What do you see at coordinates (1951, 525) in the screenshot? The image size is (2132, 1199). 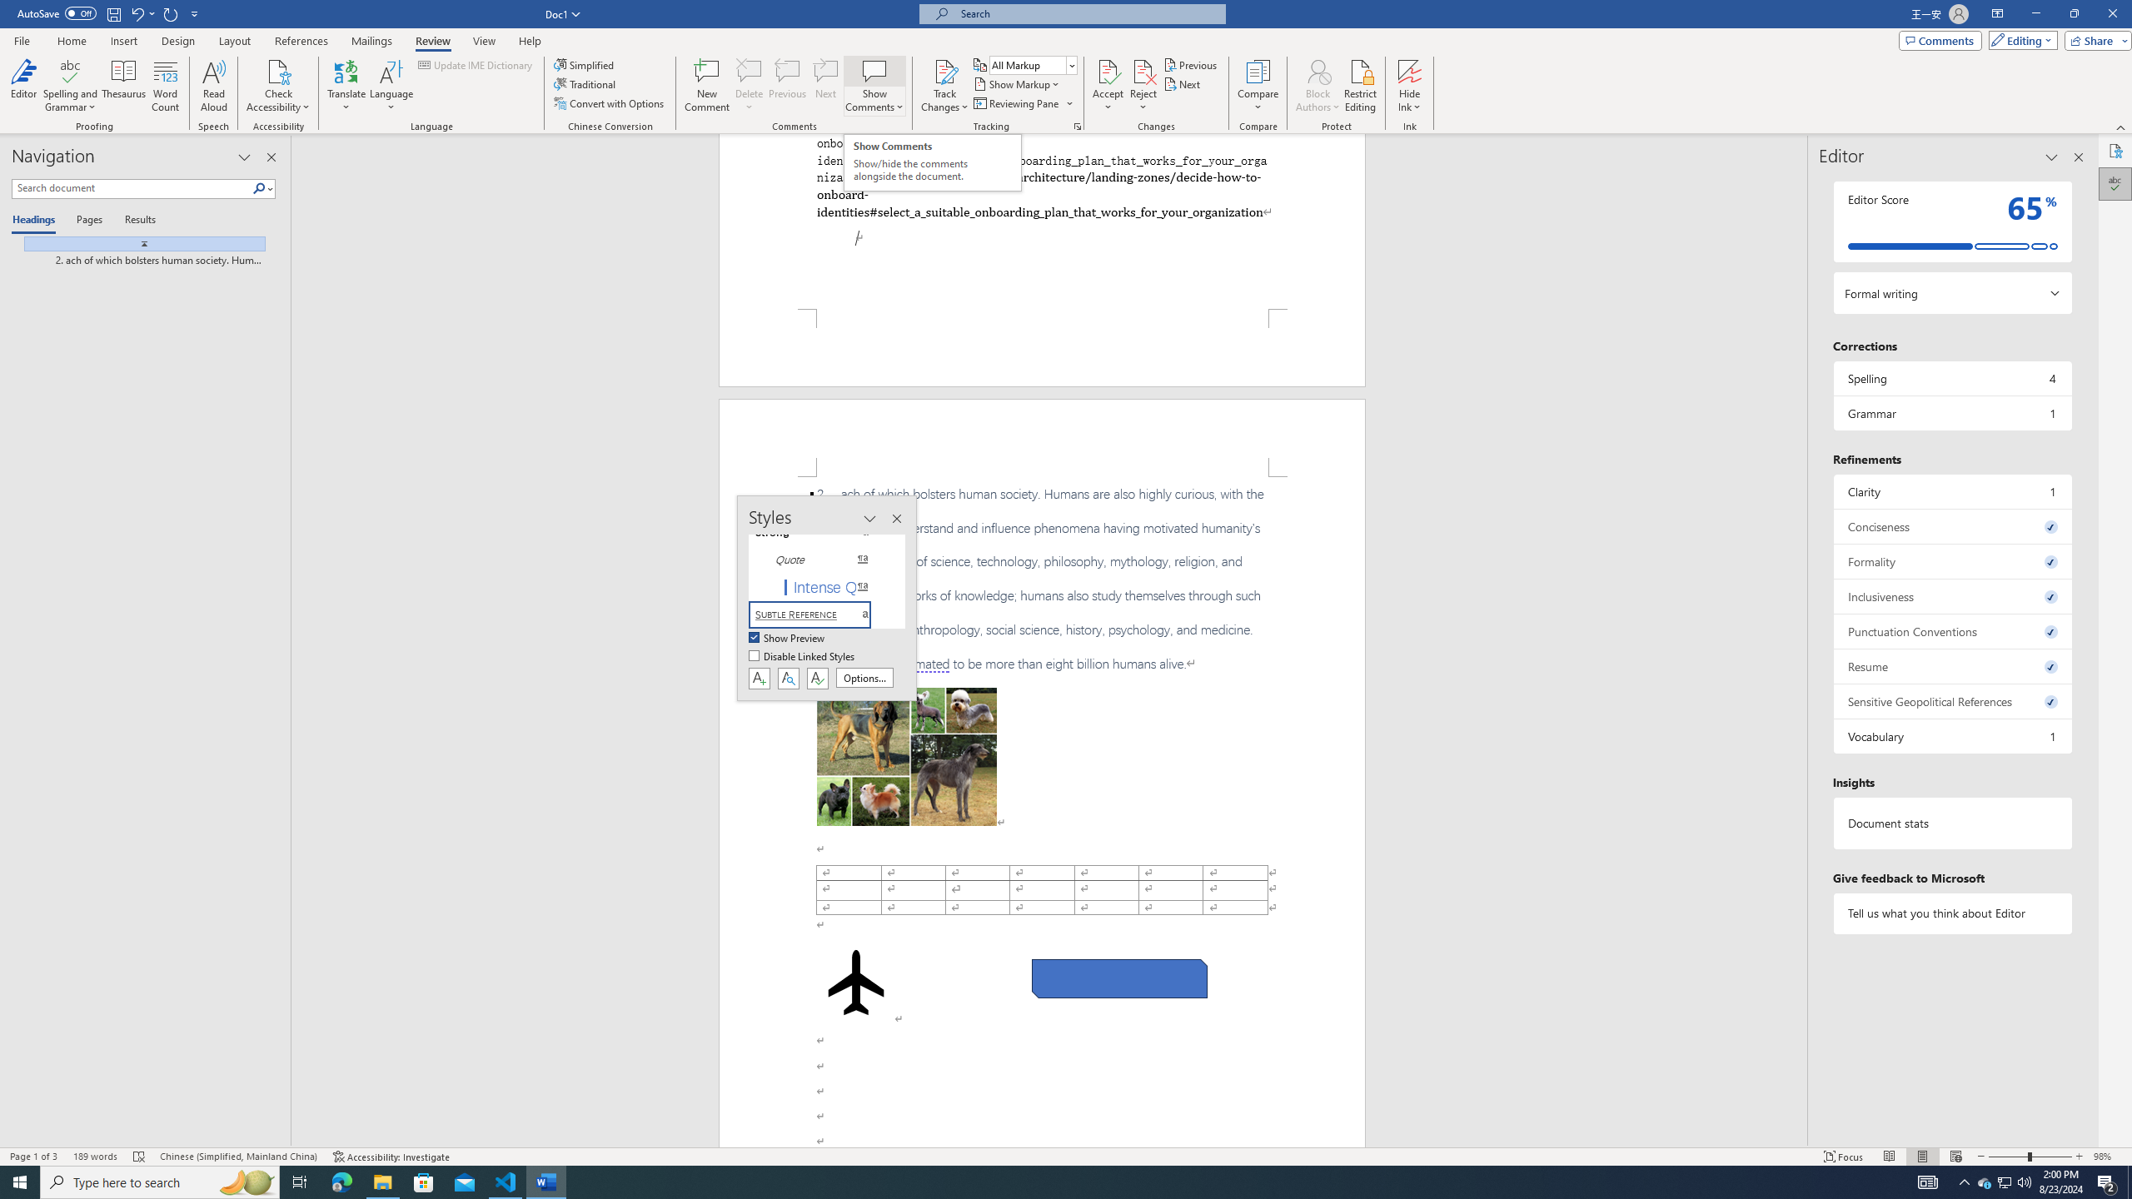 I see `'Conciseness, 0 issues. Press space or enter to review items.'` at bounding box center [1951, 525].